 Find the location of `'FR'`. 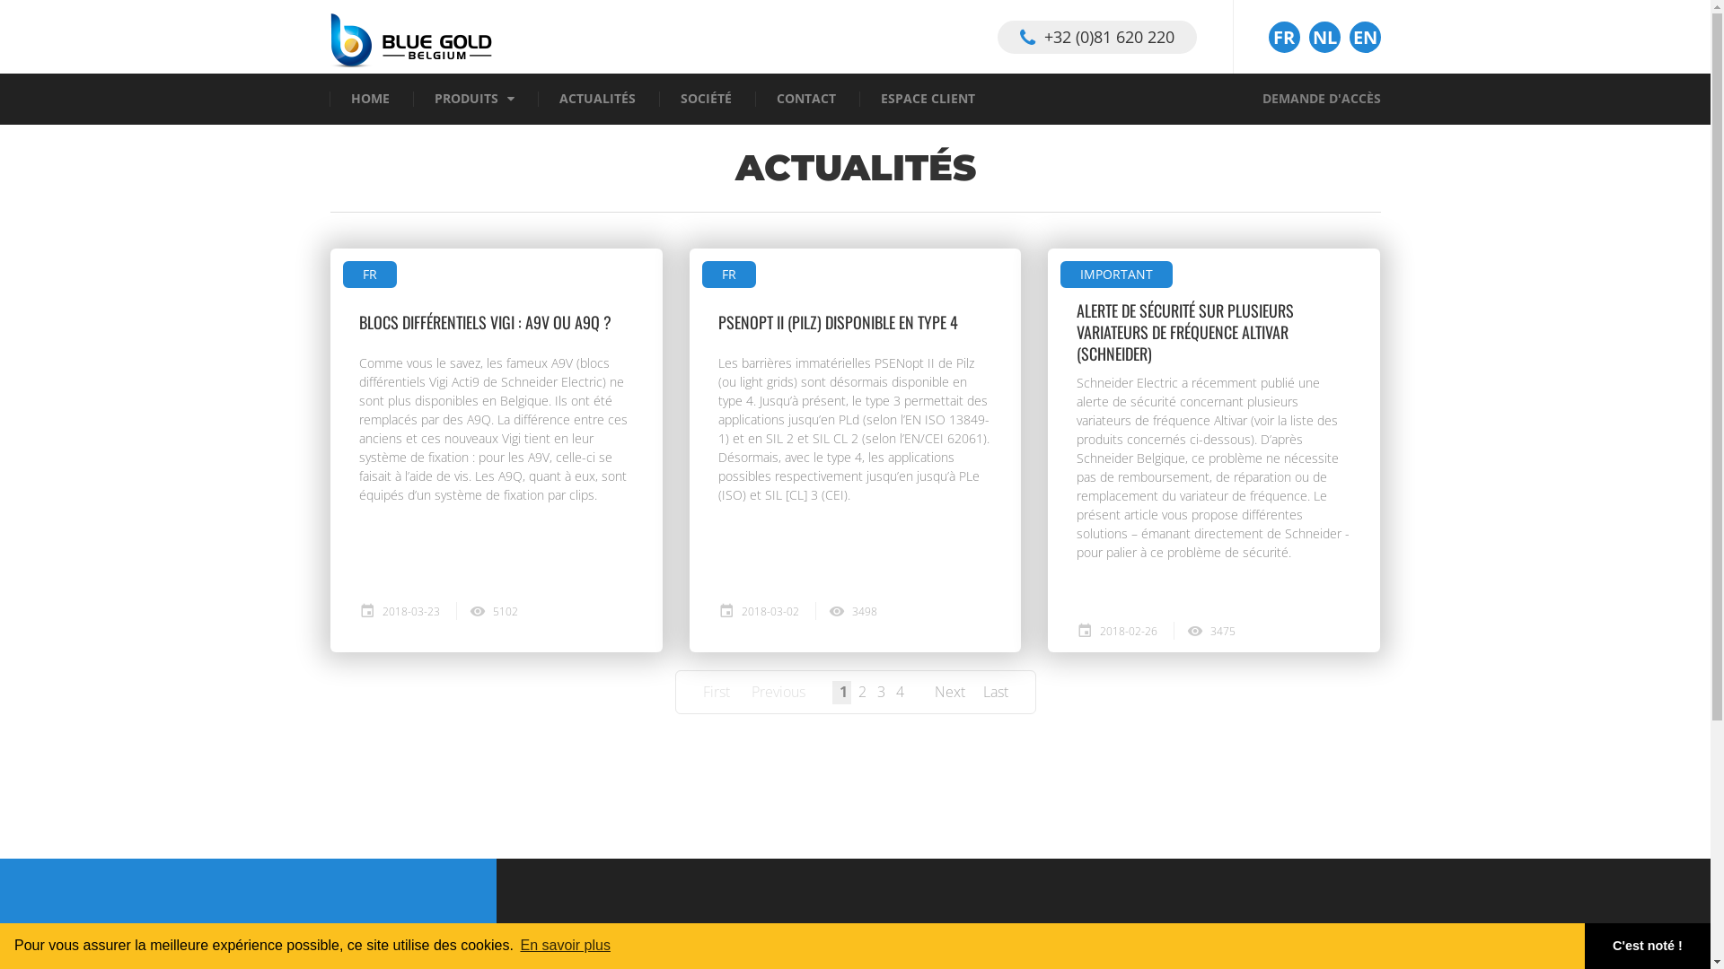

'FR' is located at coordinates (1282, 37).